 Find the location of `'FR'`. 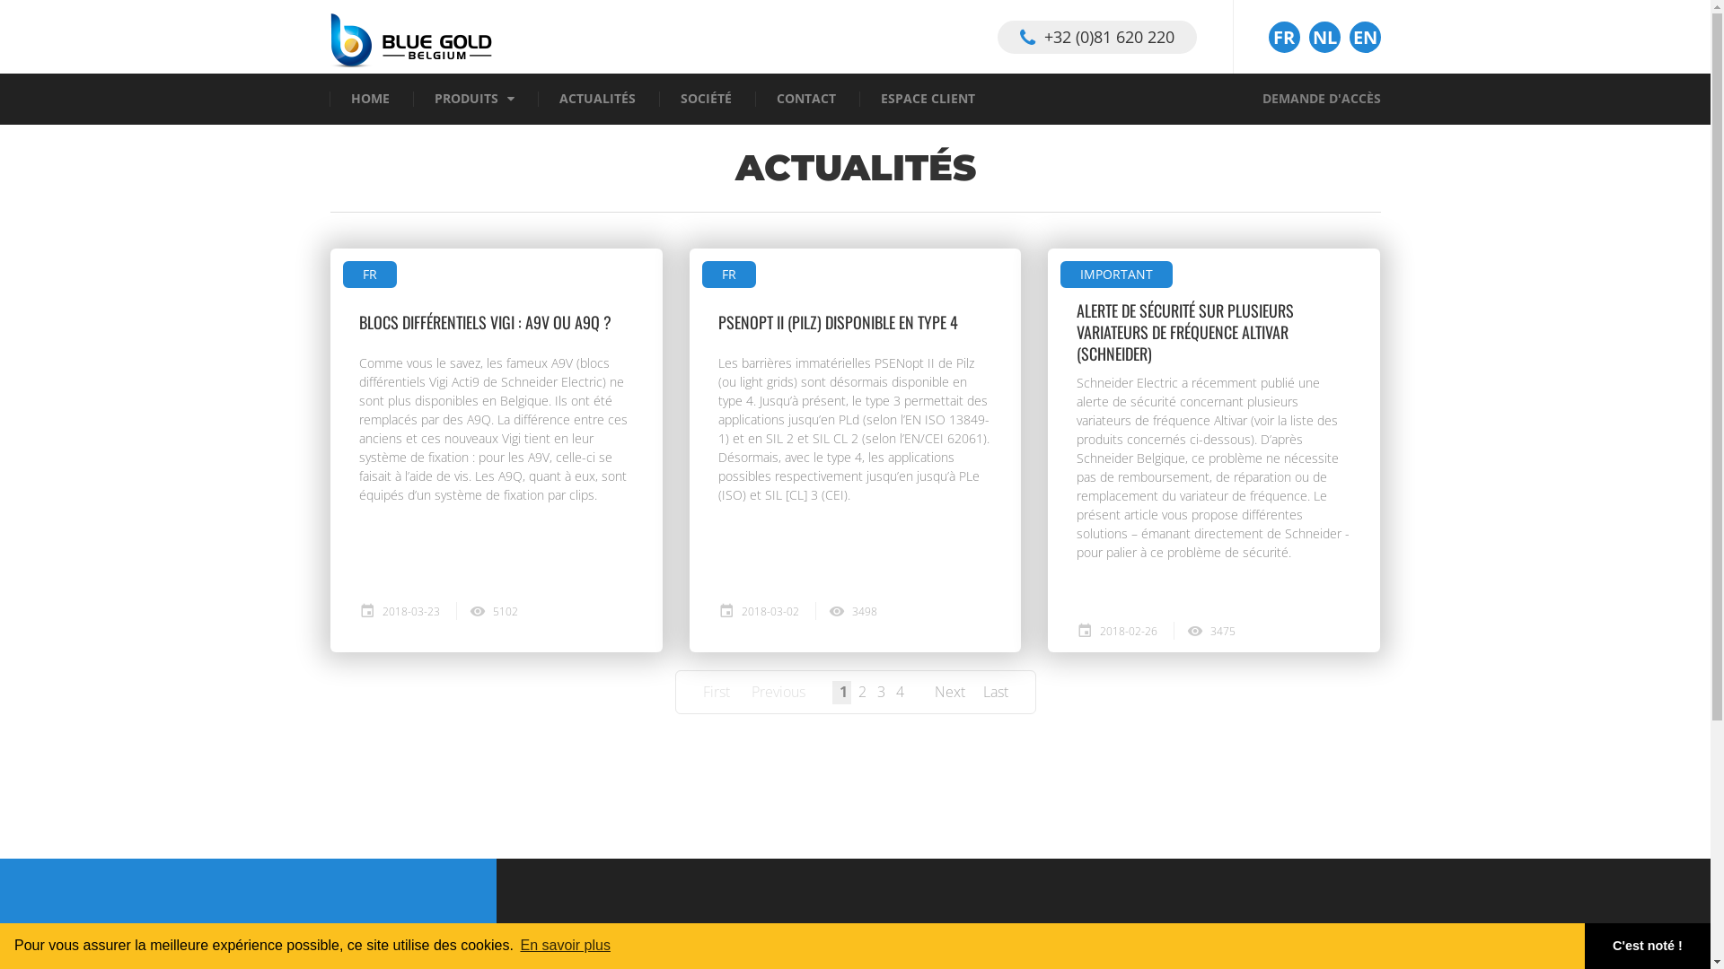

'FR' is located at coordinates (1282, 37).